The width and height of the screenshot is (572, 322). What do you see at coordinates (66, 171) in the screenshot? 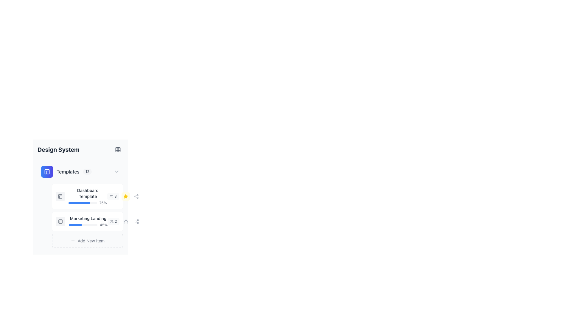
I see `the 'Templates' button in the sidebar under 'Design System'` at bounding box center [66, 171].